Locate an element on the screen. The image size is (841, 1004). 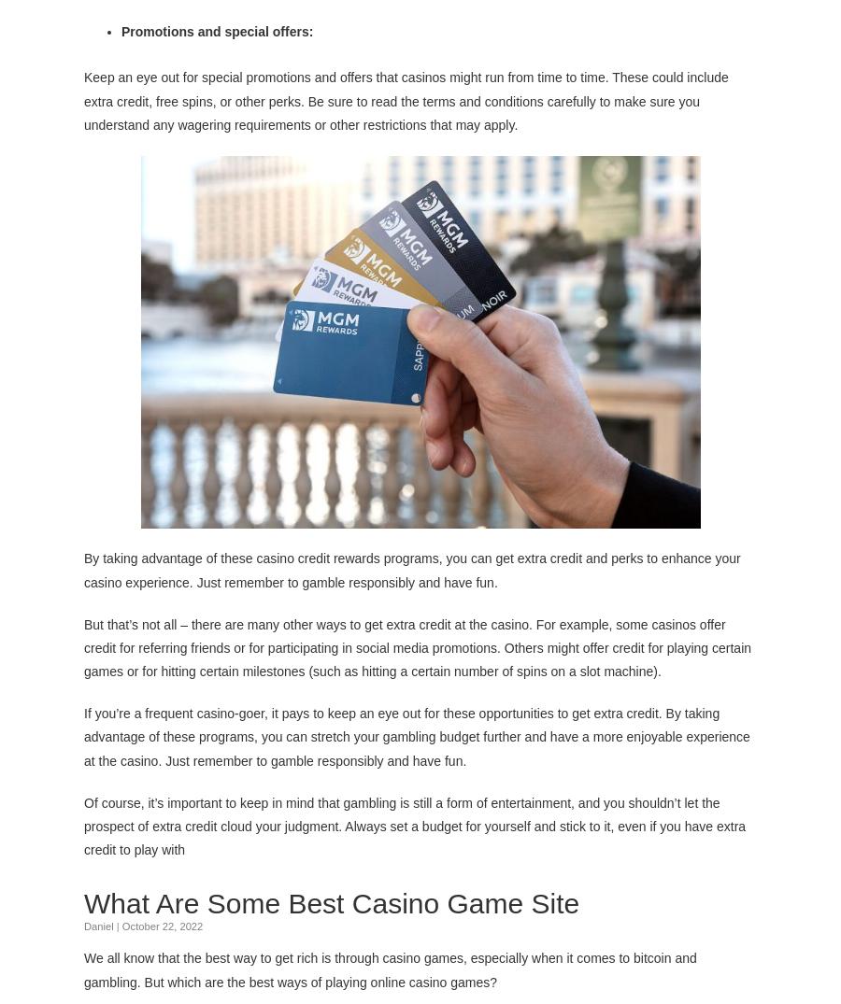
'What Are Some Best Casino Game Site' is located at coordinates (331, 903).